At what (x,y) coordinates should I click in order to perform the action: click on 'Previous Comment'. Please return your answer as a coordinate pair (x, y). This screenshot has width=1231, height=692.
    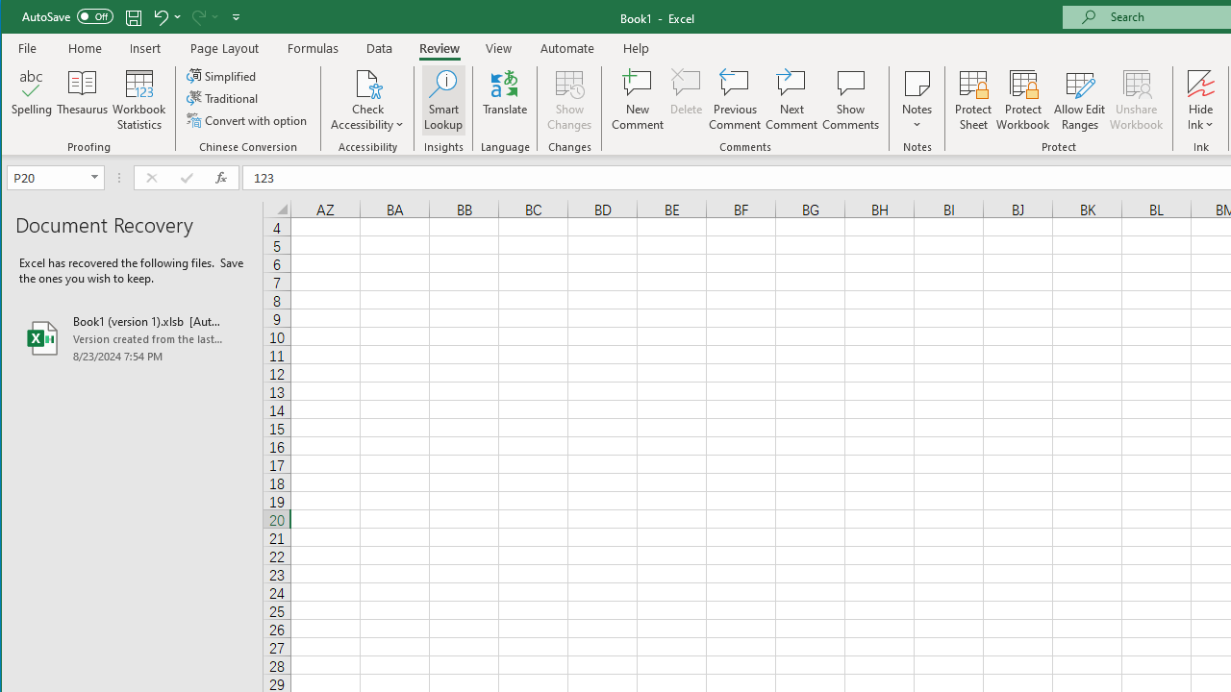
    Looking at the image, I should click on (734, 100).